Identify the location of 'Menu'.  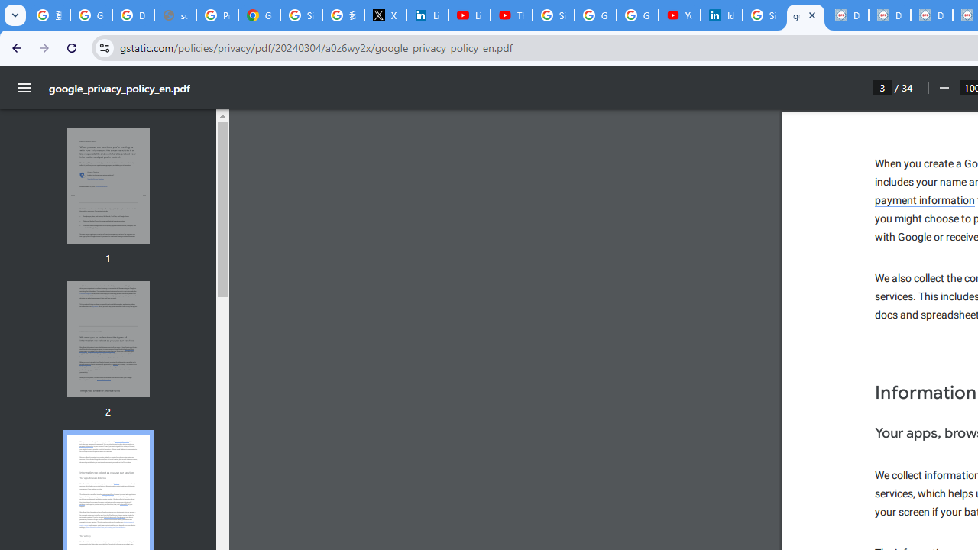
(24, 88).